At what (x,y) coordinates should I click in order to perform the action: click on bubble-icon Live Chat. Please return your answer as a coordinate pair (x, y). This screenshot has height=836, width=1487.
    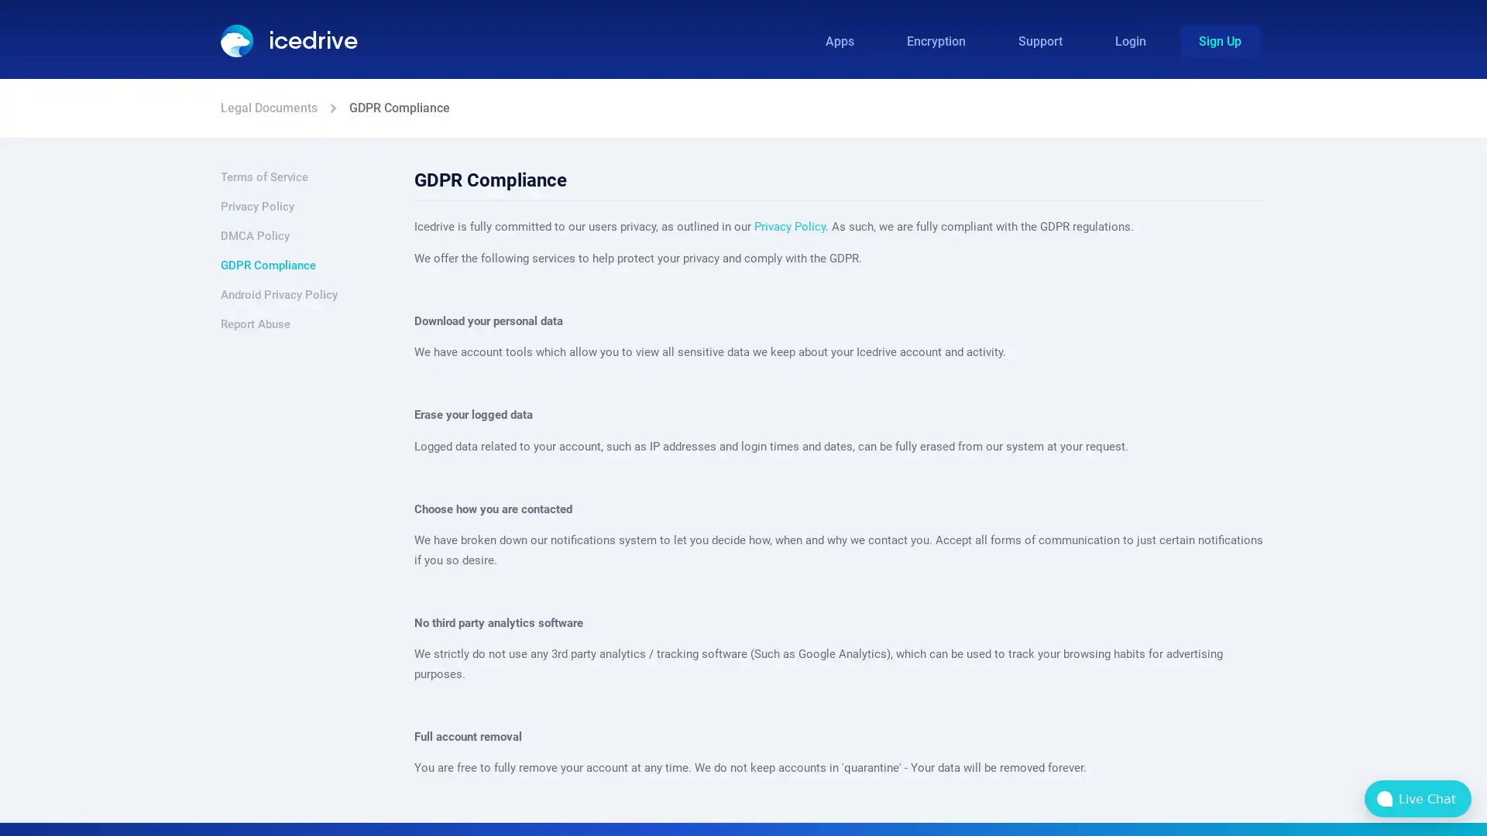
    Looking at the image, I should click on (1417, 799).